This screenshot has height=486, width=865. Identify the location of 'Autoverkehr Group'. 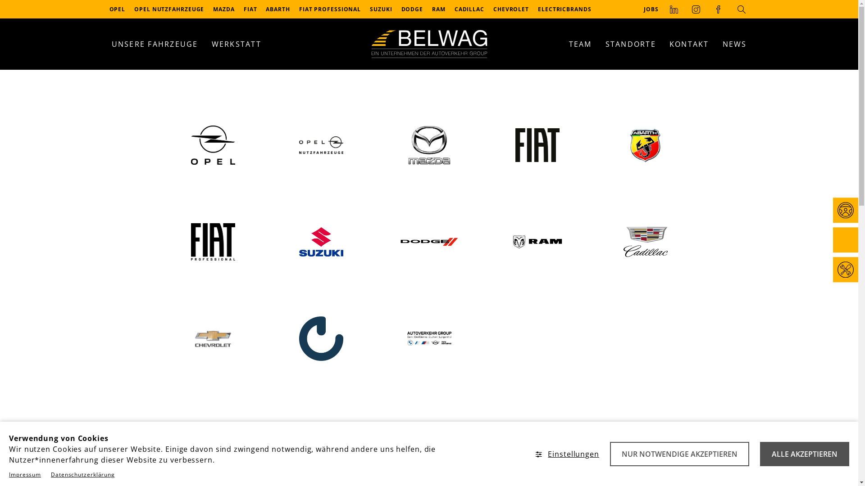
(429, 338).